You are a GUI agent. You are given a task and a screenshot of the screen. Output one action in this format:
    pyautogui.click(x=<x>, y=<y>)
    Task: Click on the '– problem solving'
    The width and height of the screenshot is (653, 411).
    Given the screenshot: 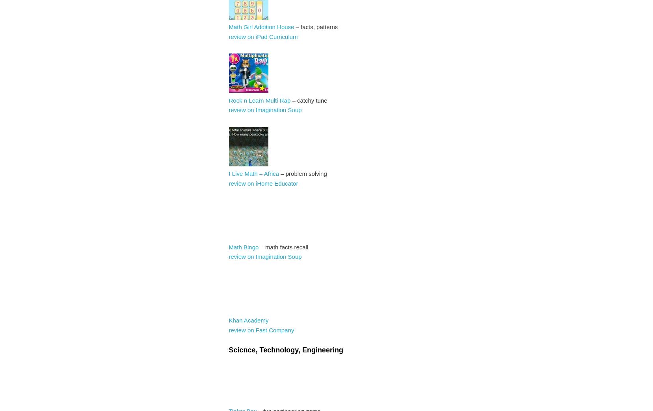 What is the action you would take?
    pyautogui.click(x=302, y=173)
    